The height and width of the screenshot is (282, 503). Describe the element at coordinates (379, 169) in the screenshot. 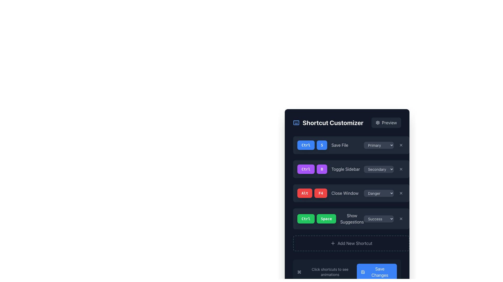

I see `the Dropdown menu for 'Toggle Sidebar'` at that location.